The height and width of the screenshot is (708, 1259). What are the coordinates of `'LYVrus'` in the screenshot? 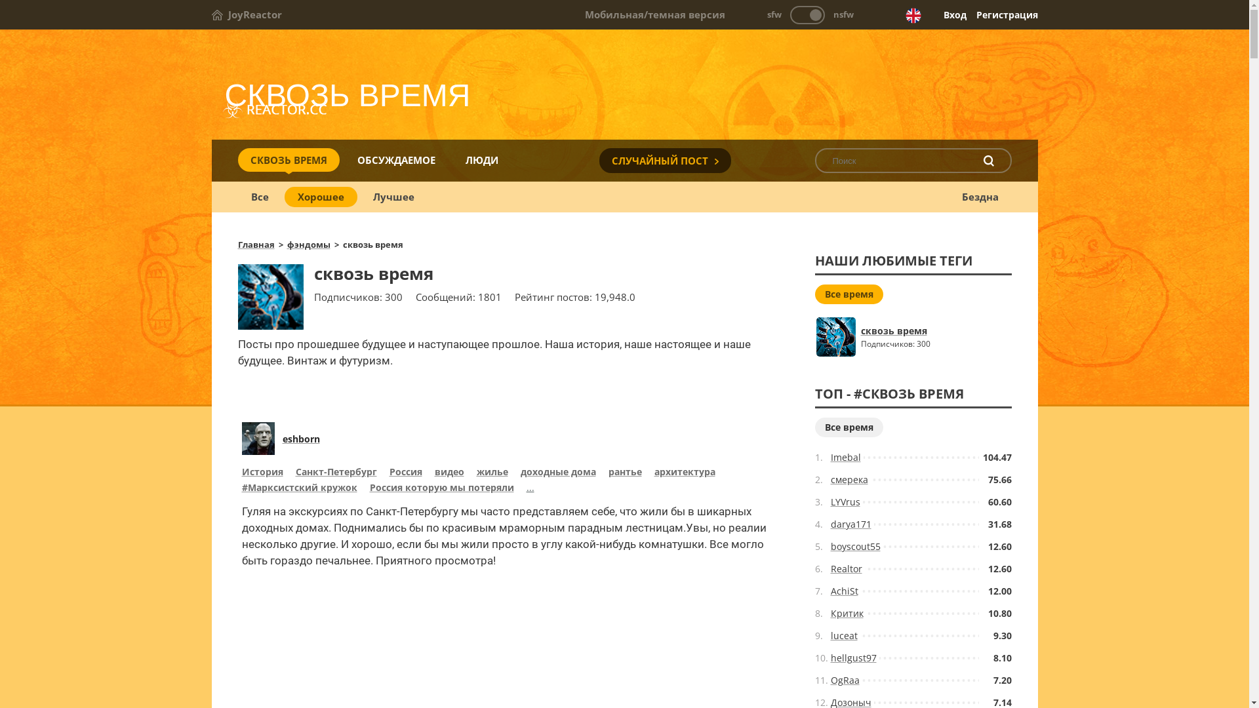 It's located at (845, 501).